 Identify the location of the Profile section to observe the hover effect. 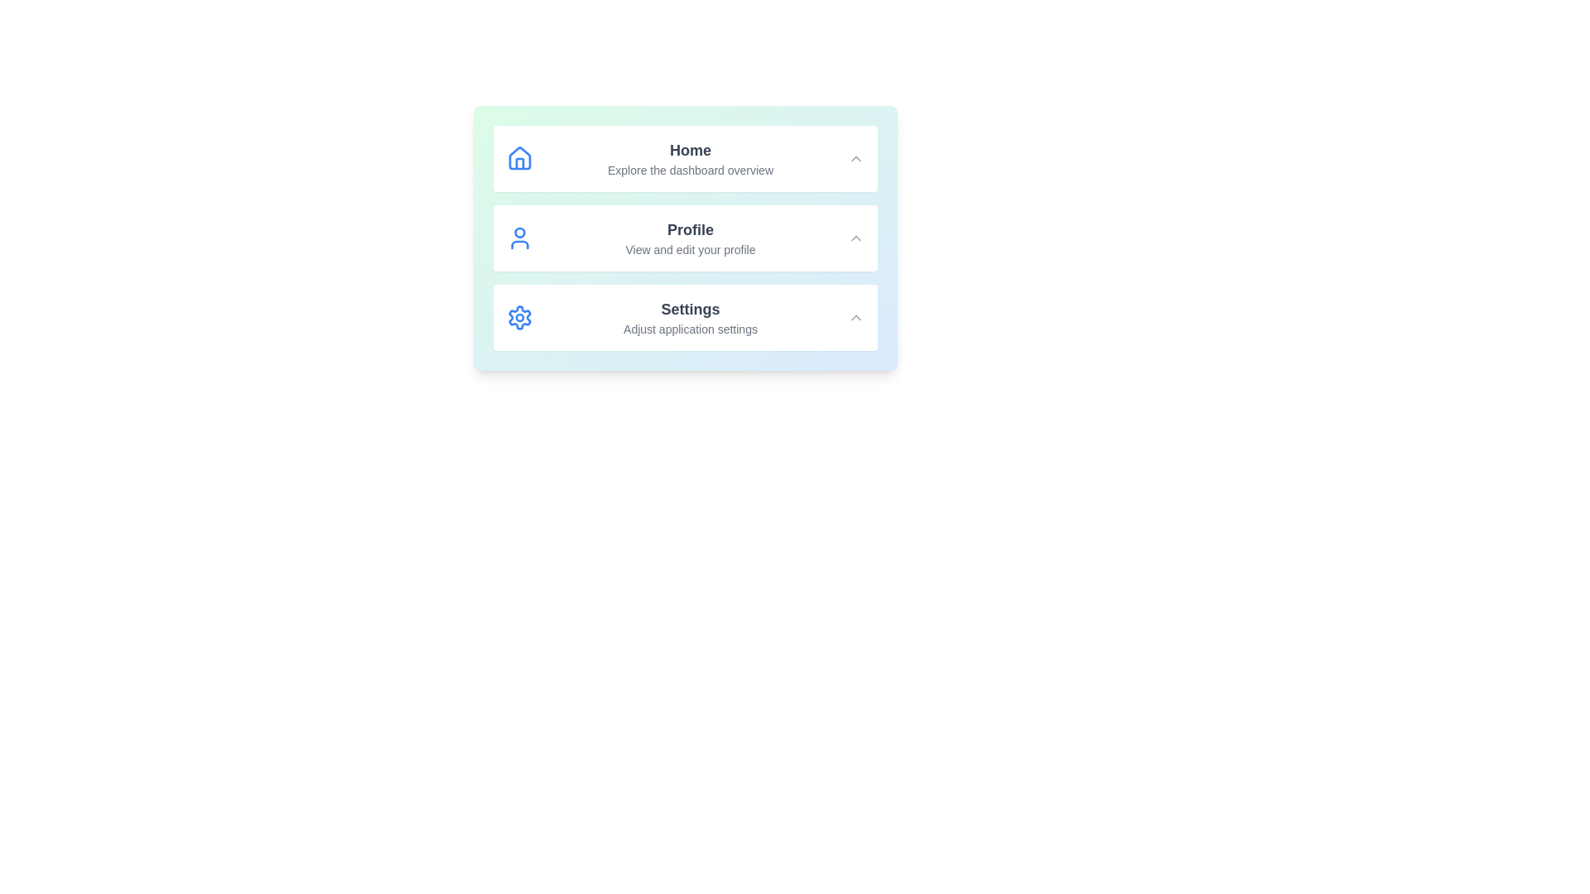
(686, 238).